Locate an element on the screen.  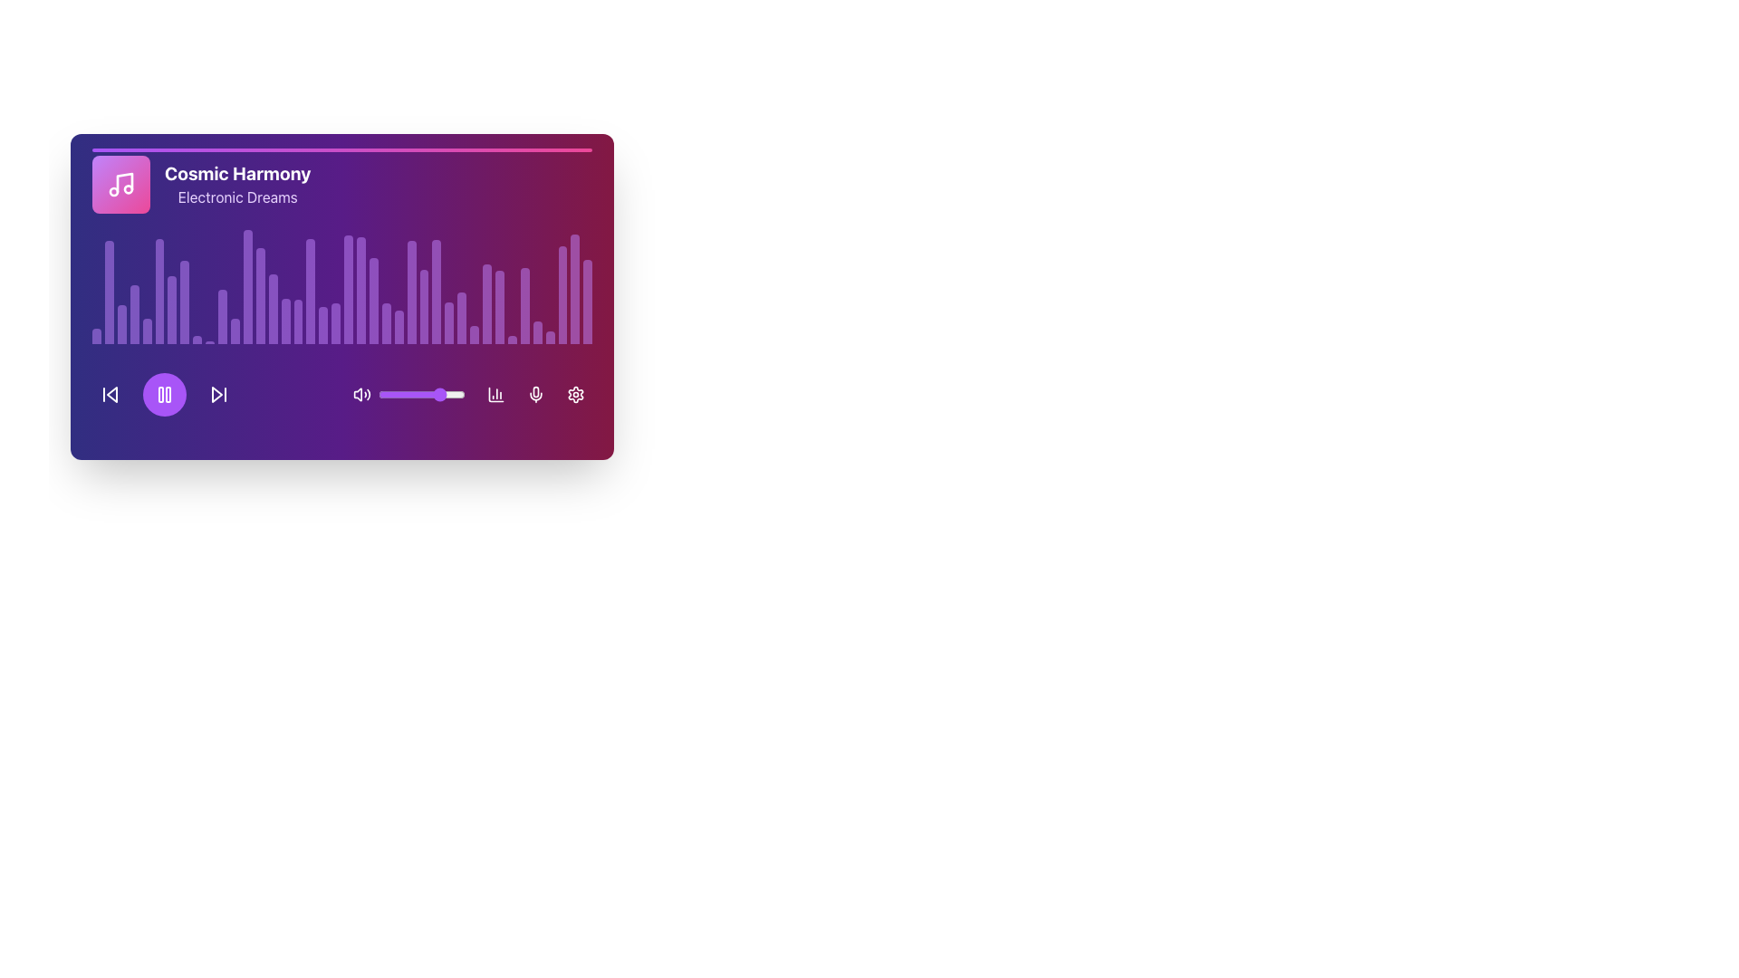
the microphone toggle button located in the bottom interface bar of the music player is located at coordinates (534, 393).